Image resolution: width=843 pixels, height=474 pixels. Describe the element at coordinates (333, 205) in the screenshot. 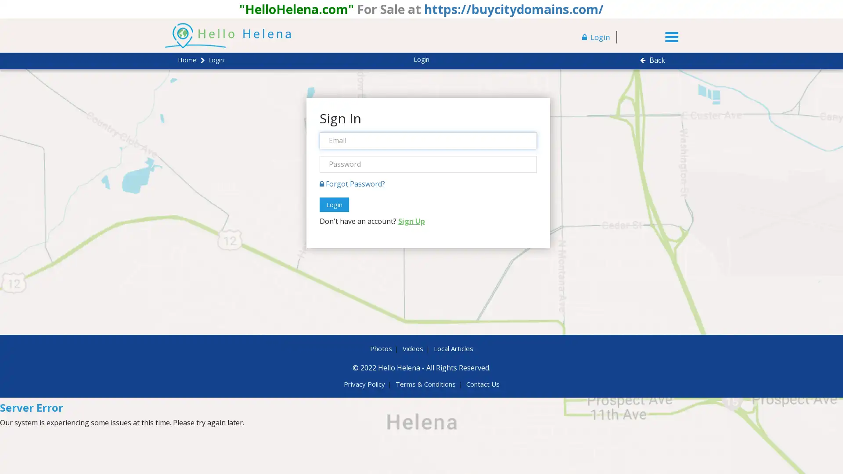

I see `Login` at that location.